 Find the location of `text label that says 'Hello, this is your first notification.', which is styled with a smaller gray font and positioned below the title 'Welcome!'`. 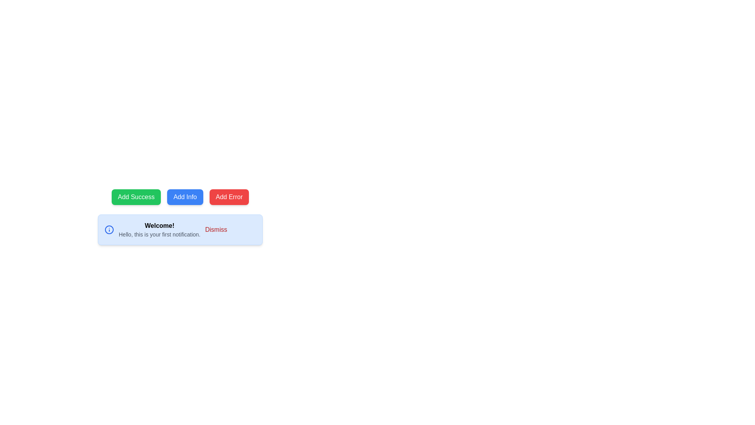

text label that says 'Hello, this is your first notification.', which is styled with a smaller gray font and positioned below the title 'Welcome!' is located at coordinates (159, 234).